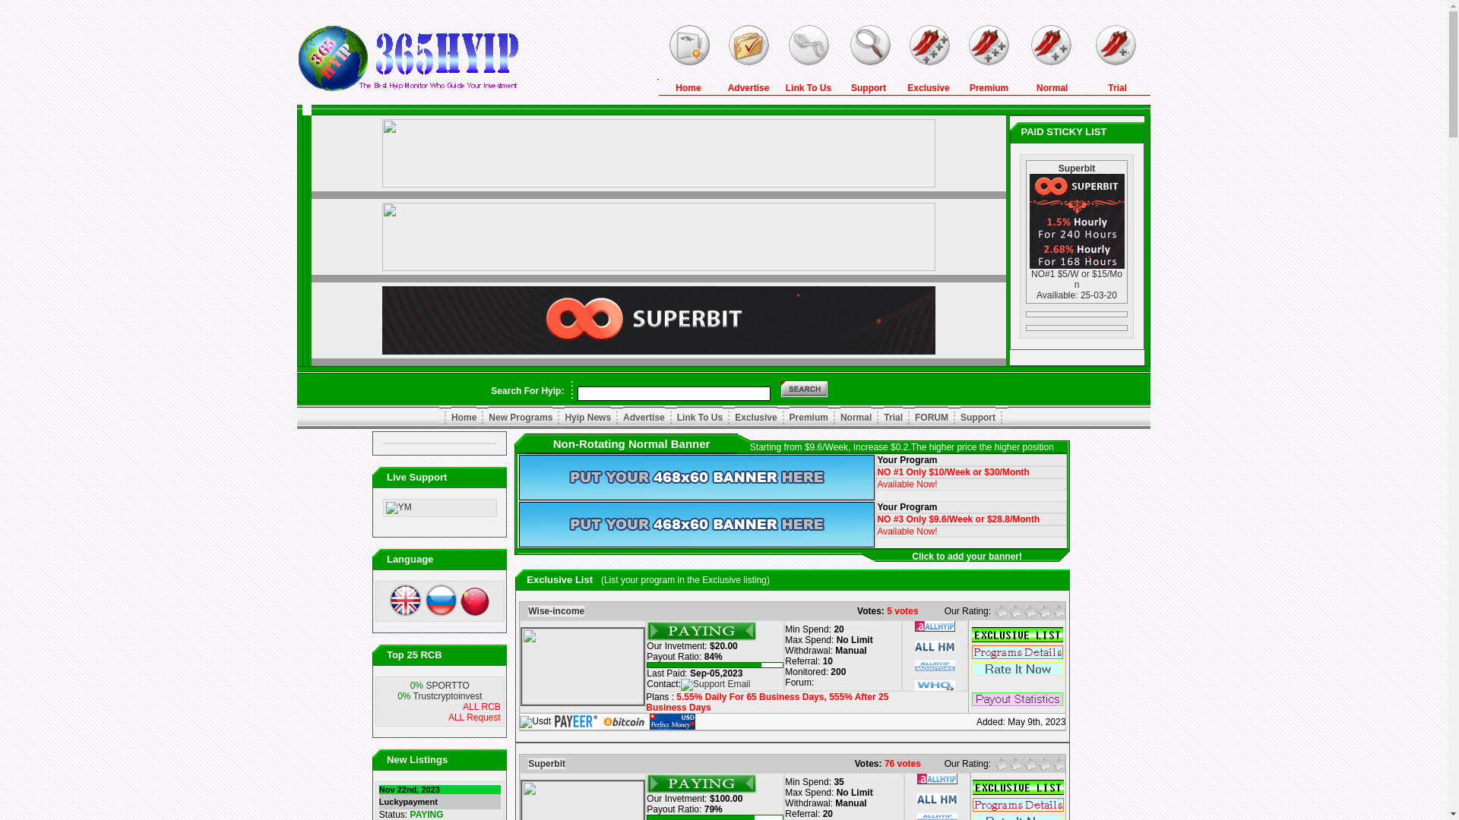 The image size is (1459, 820). What do you see at coordinates (644, 418) in the screenshot?
I see `'Advertise'` at bounding box center [644, 418].